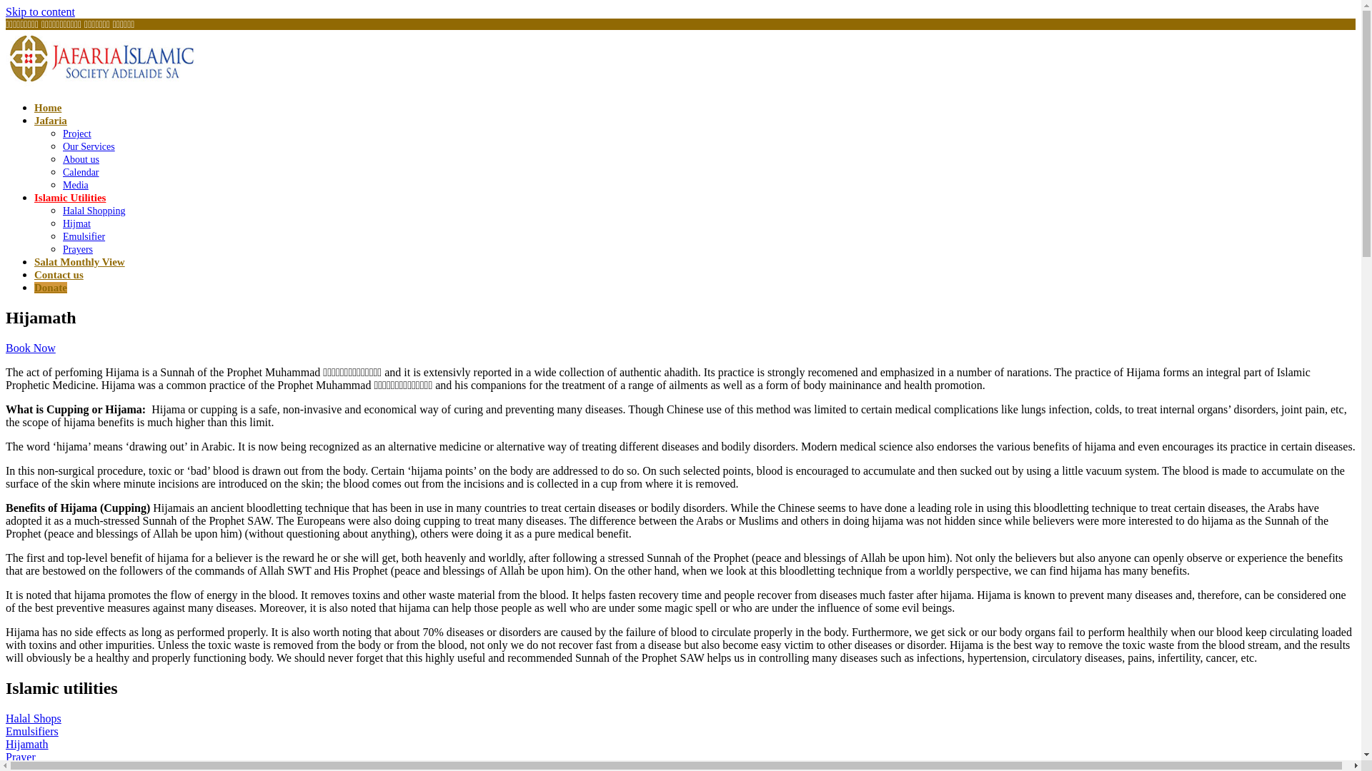  Describe the element at coordinates (88, 146) in the screenshot. I see `'Our Services'` at that location.